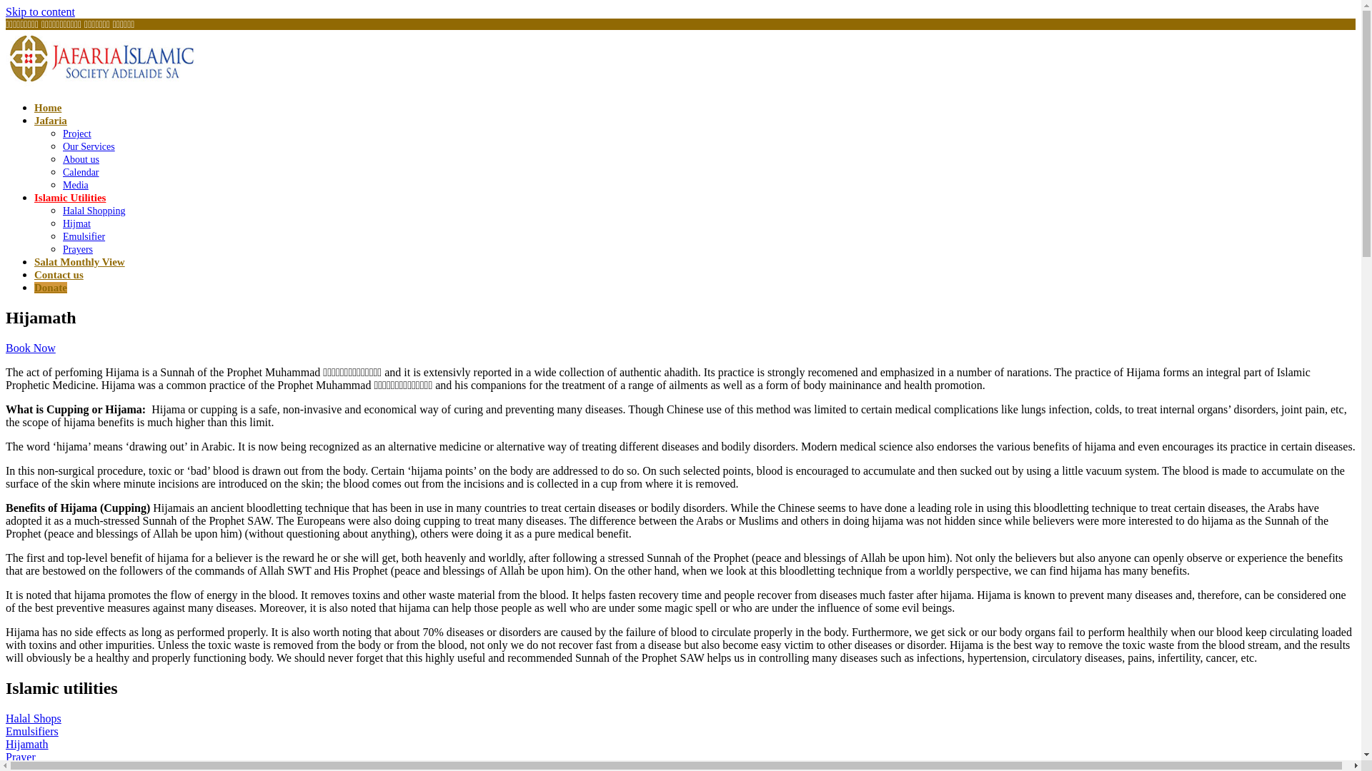  Describe the element at coordinates (88, 146) in the screenshot. I see `'Our Services'` at that location.